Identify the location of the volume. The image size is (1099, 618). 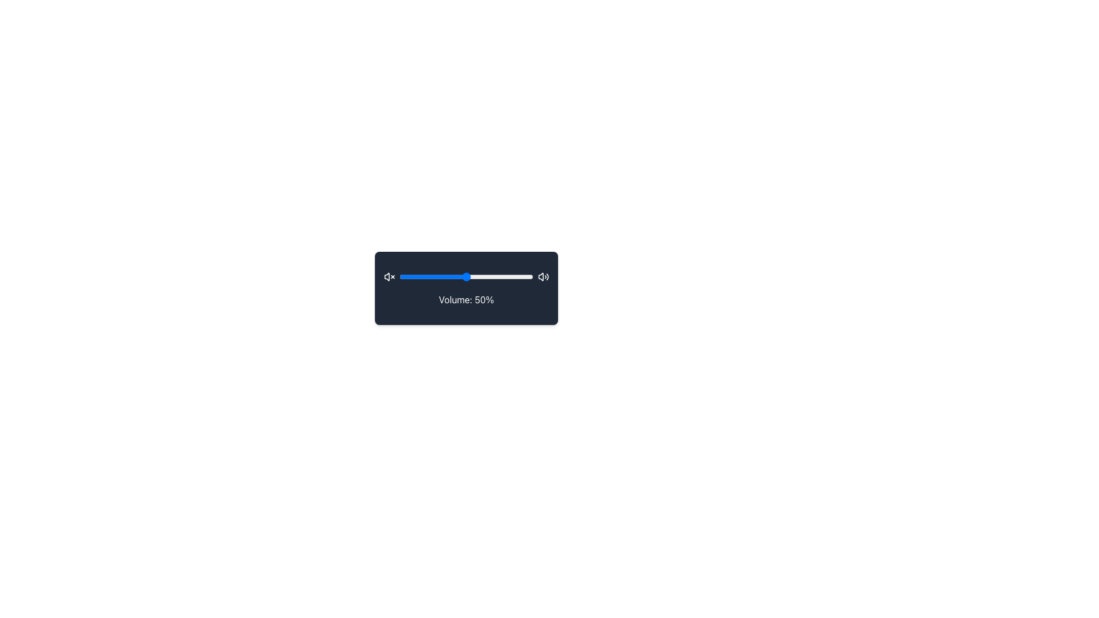
(446, 276).